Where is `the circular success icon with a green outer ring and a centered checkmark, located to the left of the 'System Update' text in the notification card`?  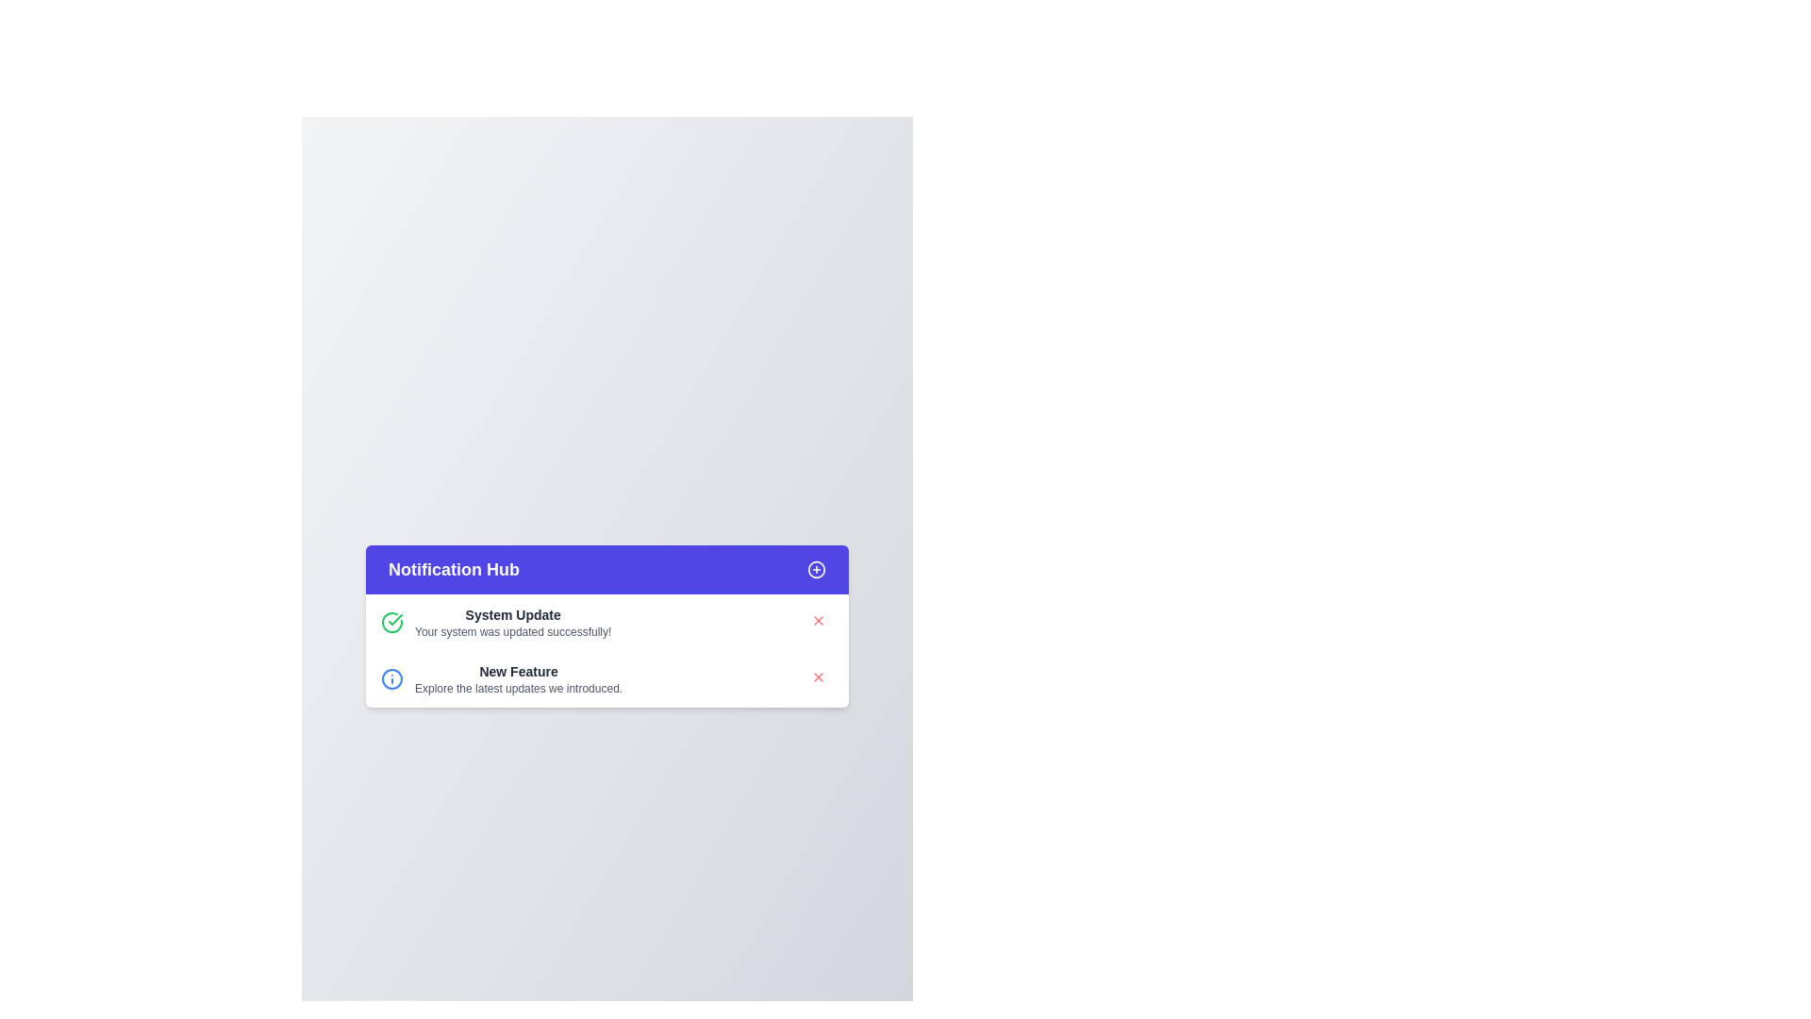
the circular success icon with a green outer ring and a centered checkmark, located to the left of the 'System Update' text in the notification card is located at coordinates (391, 622).